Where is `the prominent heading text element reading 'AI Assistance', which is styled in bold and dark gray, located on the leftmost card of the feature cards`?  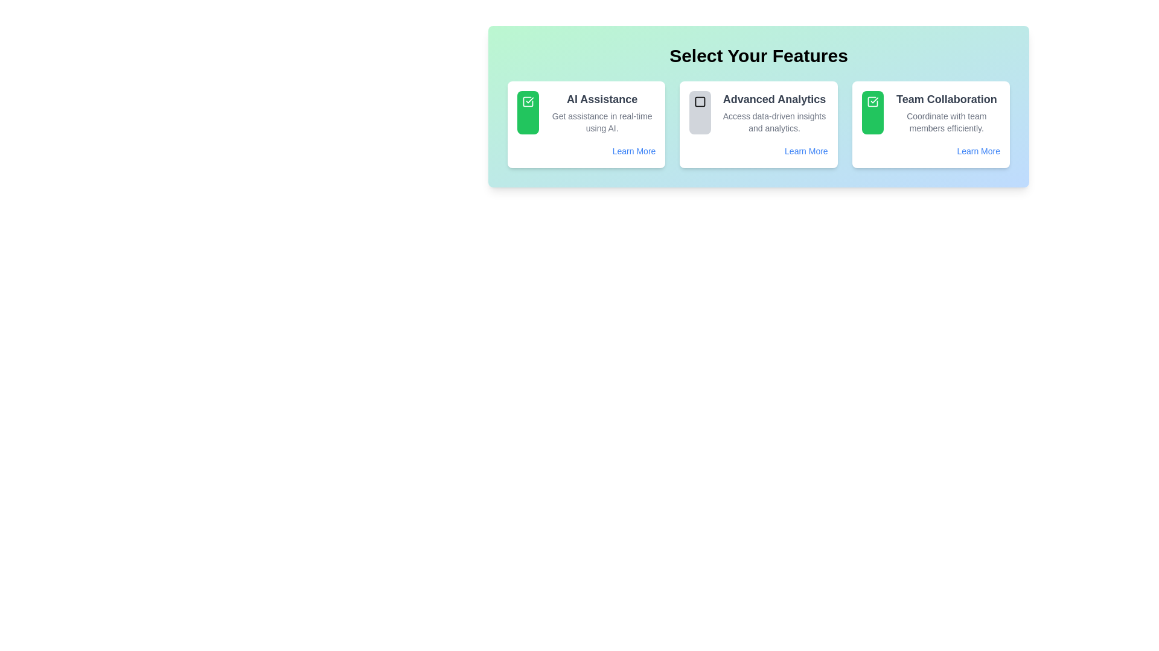
the prominent heading text element reading 'AI Assistance', which is styled in bold and dark gray, located on the leftmost card of the feature cards is located at coordinates (602, 99).